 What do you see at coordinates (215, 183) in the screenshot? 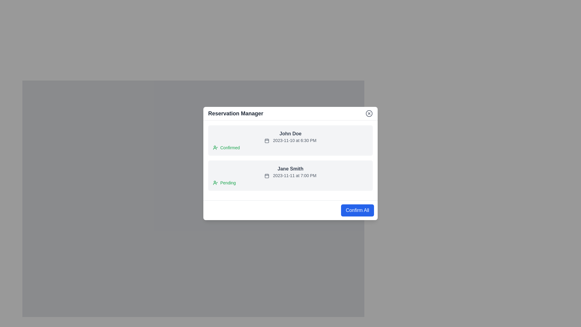
I see `user check icon styled in green next to the label 'Pending' under 'Jane Smith' in the reservation list` at bounding box center [215, 183].